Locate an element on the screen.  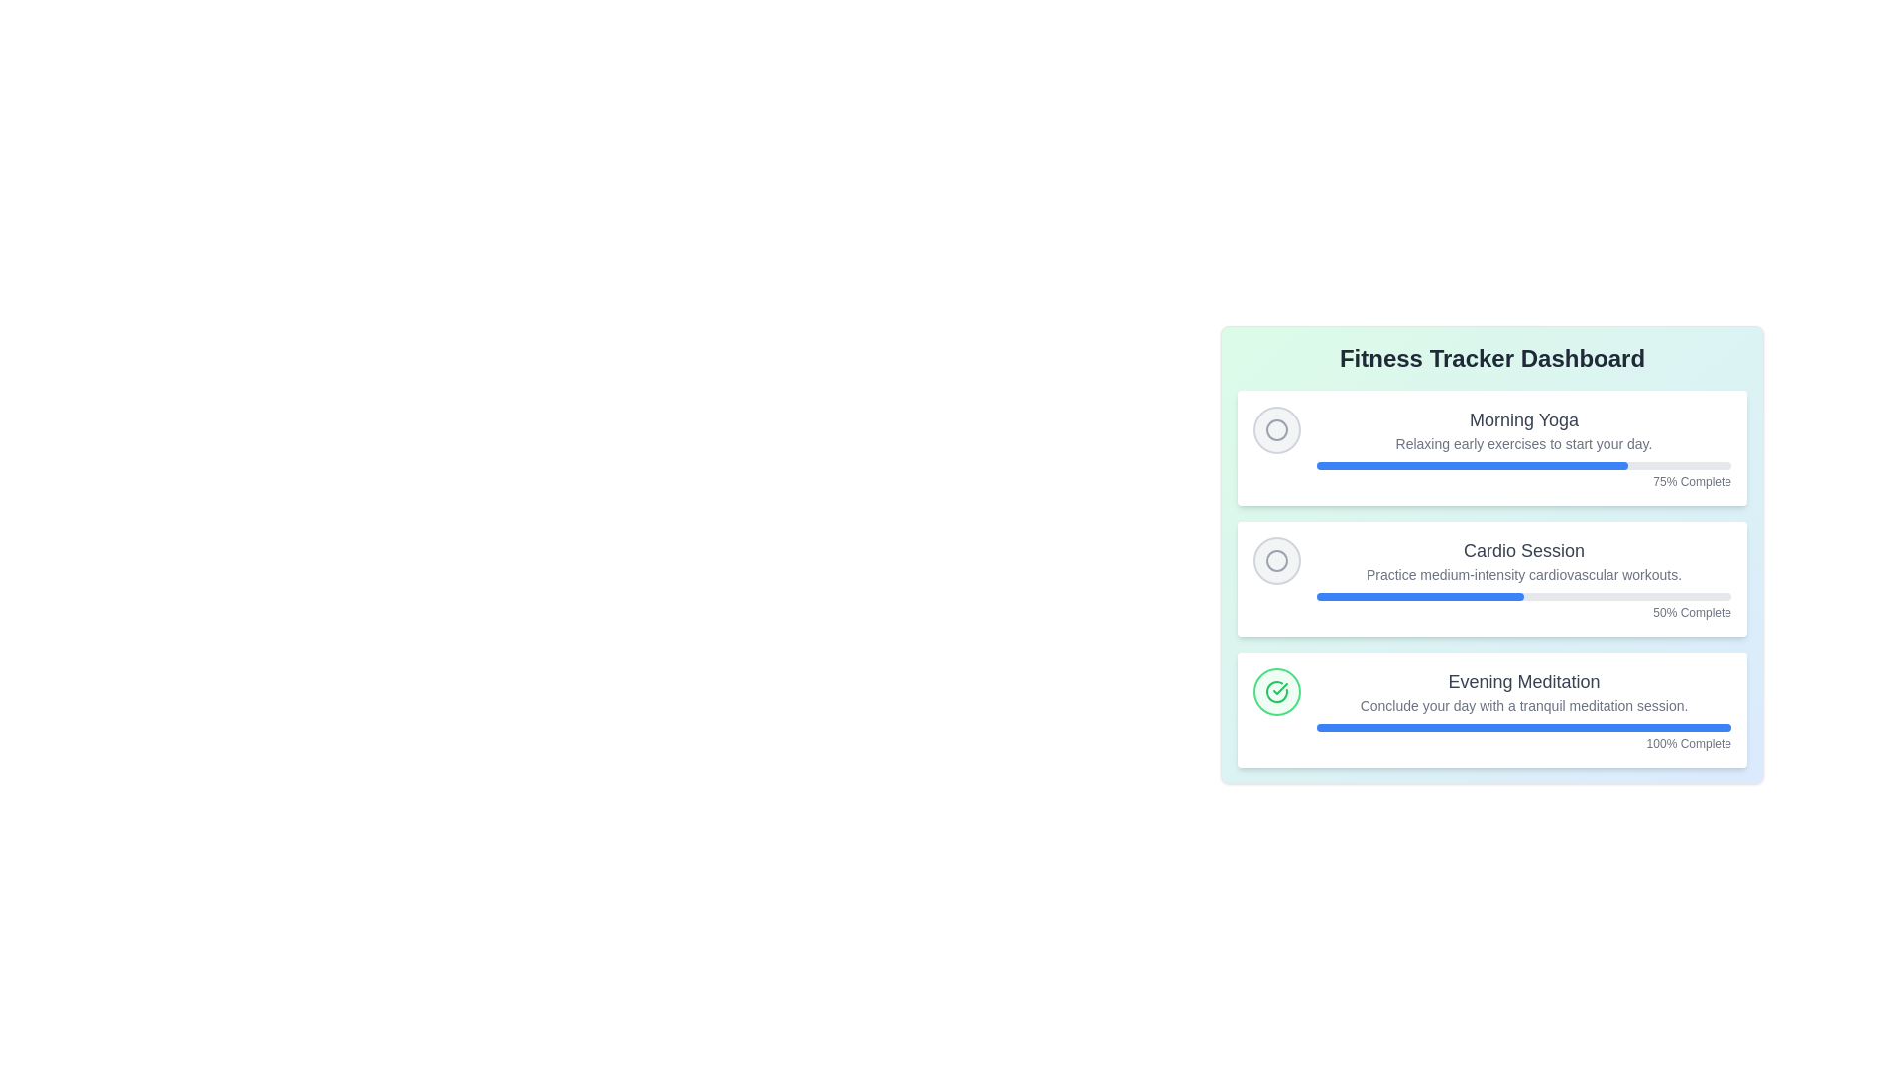
the circular icon with a green border and a checkmark symbol in the third section of the dashboard is located at coordinates (1276, 691).